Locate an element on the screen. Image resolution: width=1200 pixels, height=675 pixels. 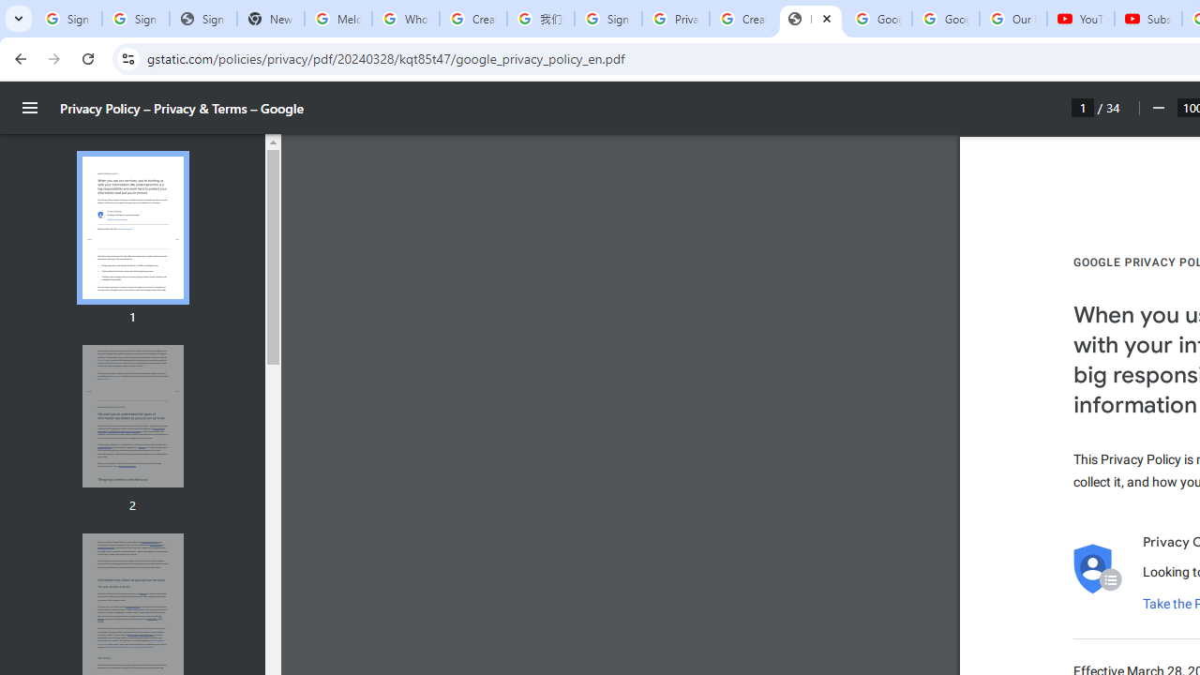
'YouTube' is located at coordinates (1081, 19).